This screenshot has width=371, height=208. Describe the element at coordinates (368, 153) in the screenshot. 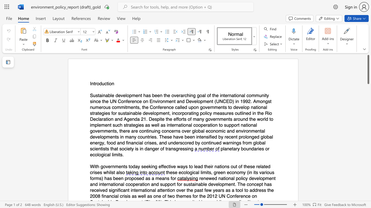

I see `the scrollbar to move the page down` at that location.